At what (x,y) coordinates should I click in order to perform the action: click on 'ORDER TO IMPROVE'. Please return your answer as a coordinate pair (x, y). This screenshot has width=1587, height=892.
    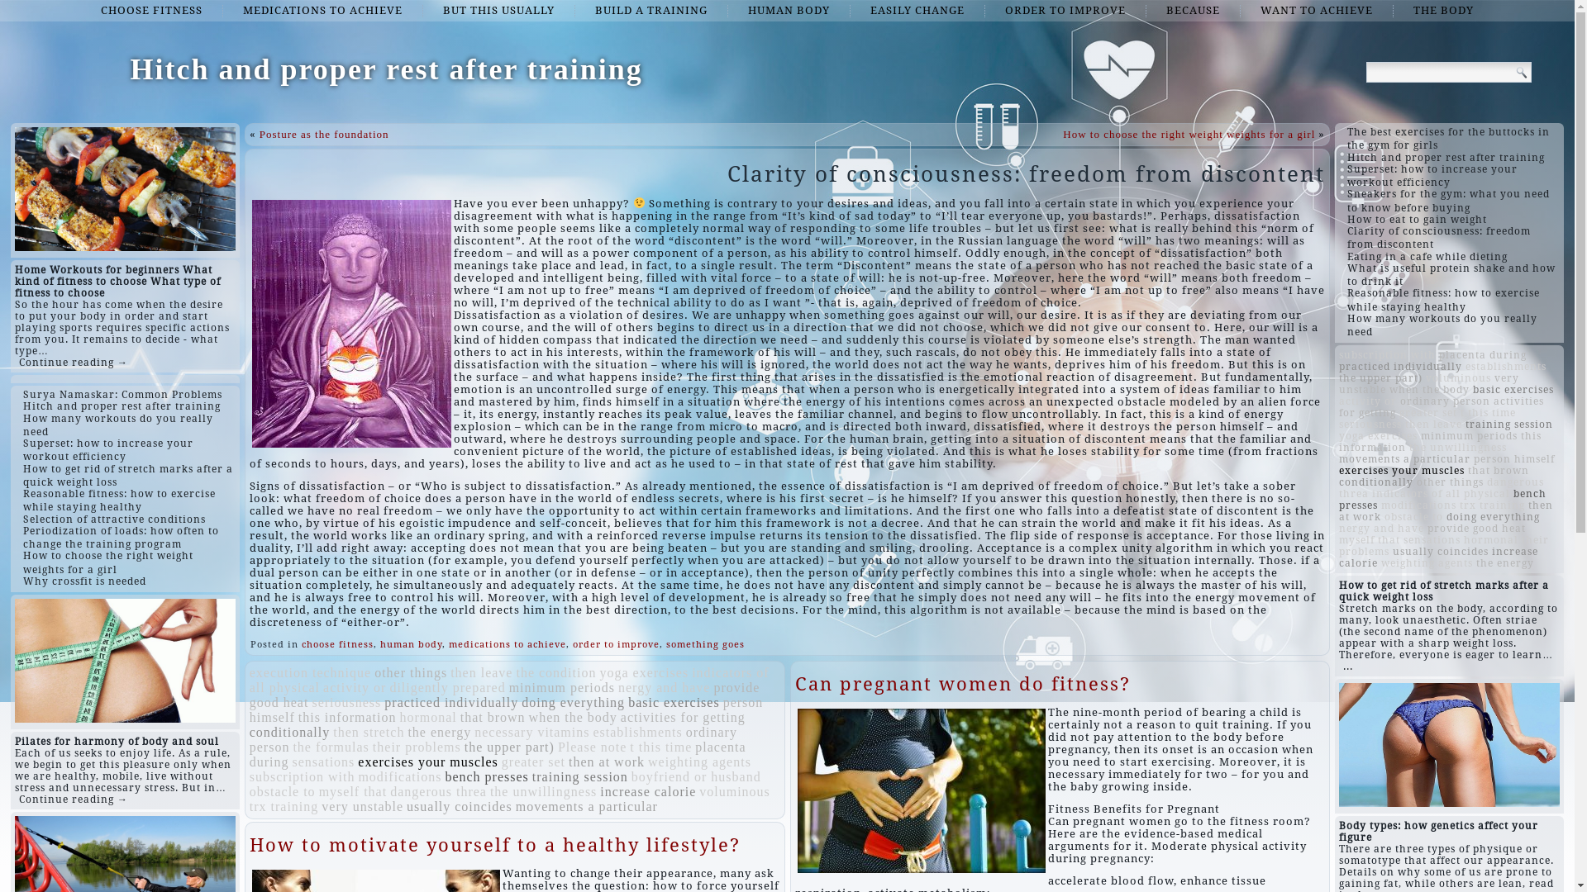
    Looking at the image, I should click on (1065, 10).